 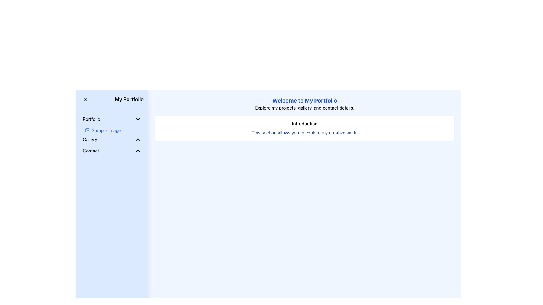 I want to click on the 'Sample Image' Navigation Link with Icon located in the sidebar panel under the 'Portfolio' dropdown, so click(x=114, y=130).